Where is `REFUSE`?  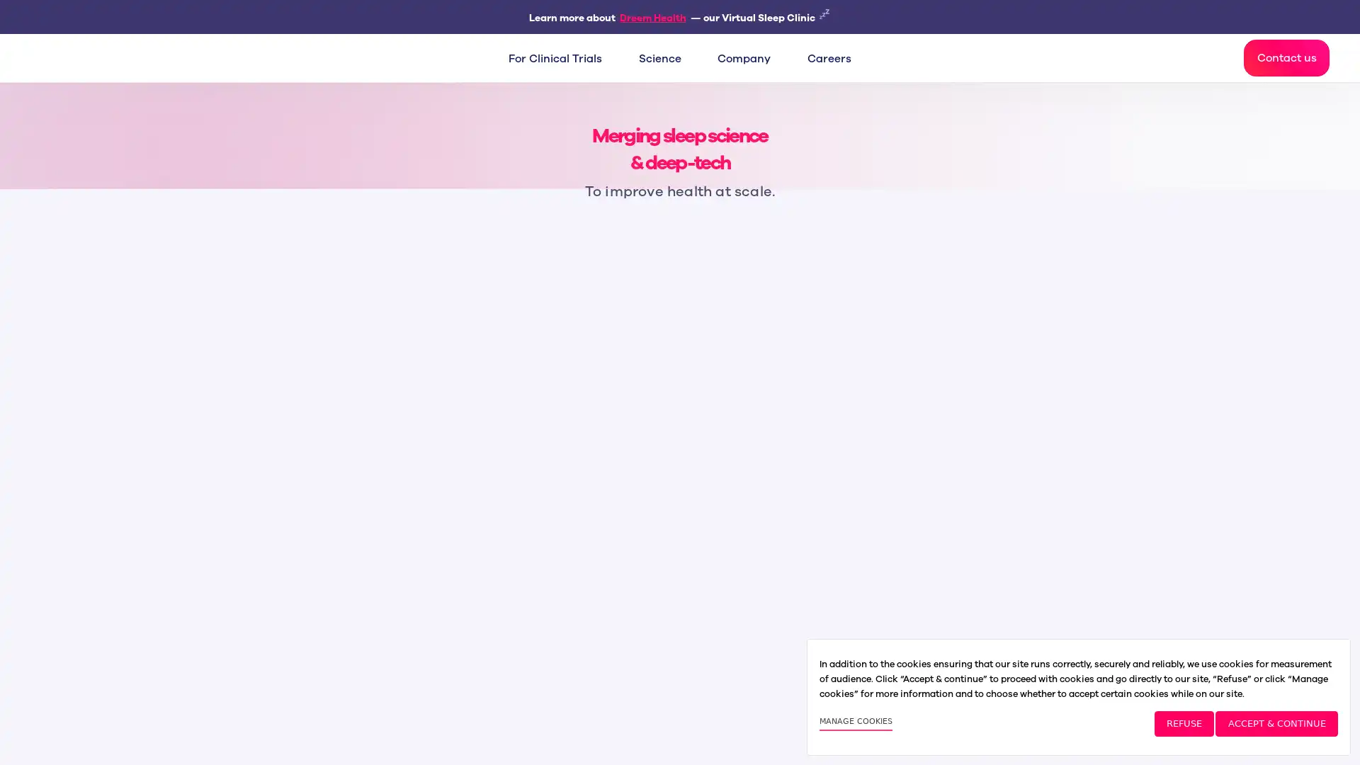 REFUSE is located at coordinates (1184, 723).